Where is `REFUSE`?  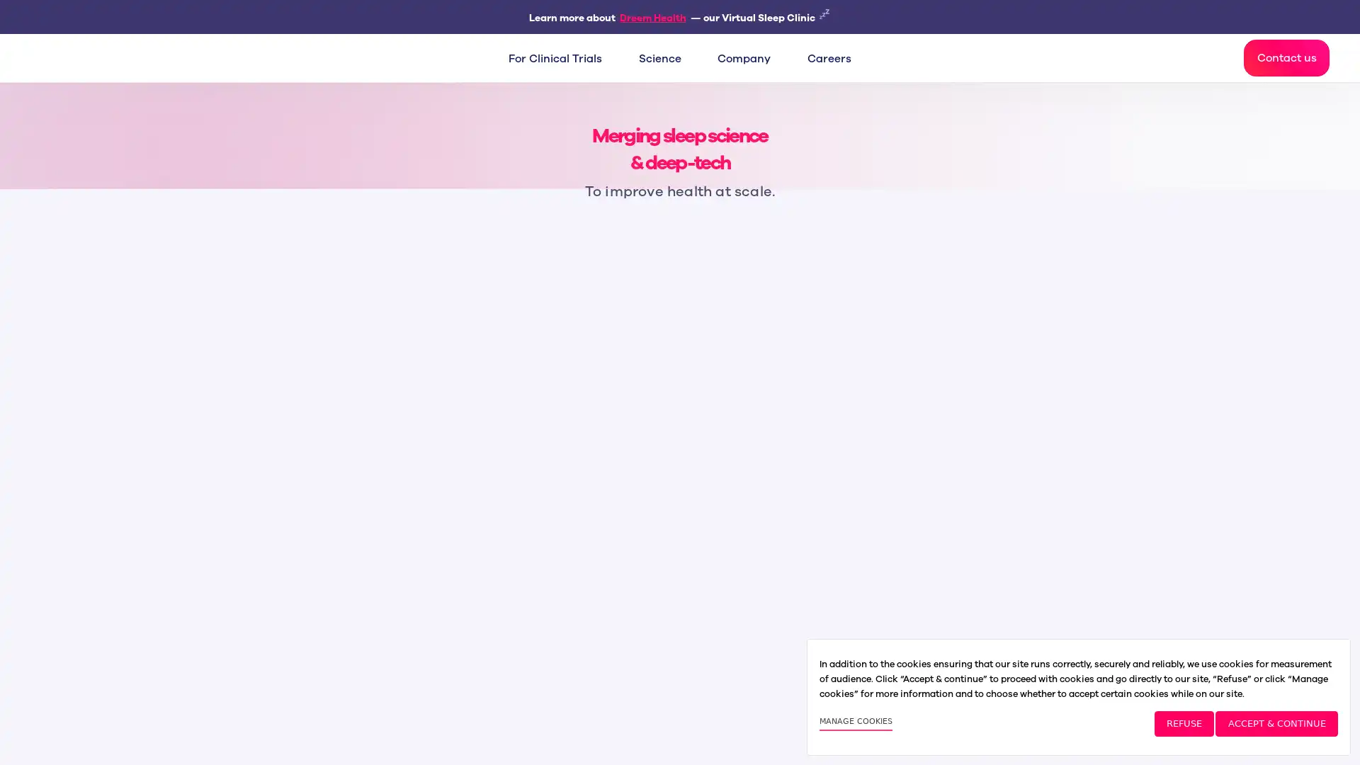 REFUSE is located at coordinates (1184, 723).